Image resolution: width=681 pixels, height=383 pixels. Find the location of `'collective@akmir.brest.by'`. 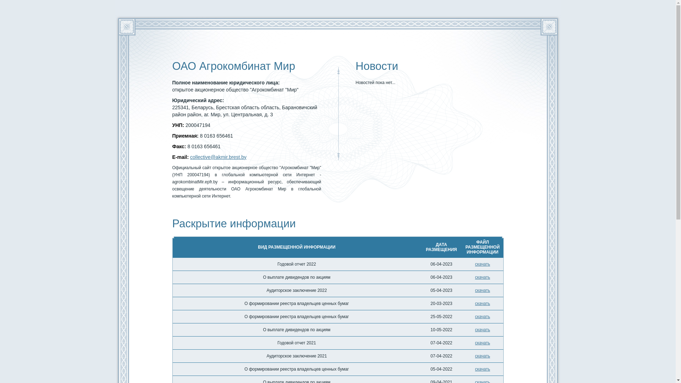

'collective@akmir.brest.by' is located at coordinates (218, 157).